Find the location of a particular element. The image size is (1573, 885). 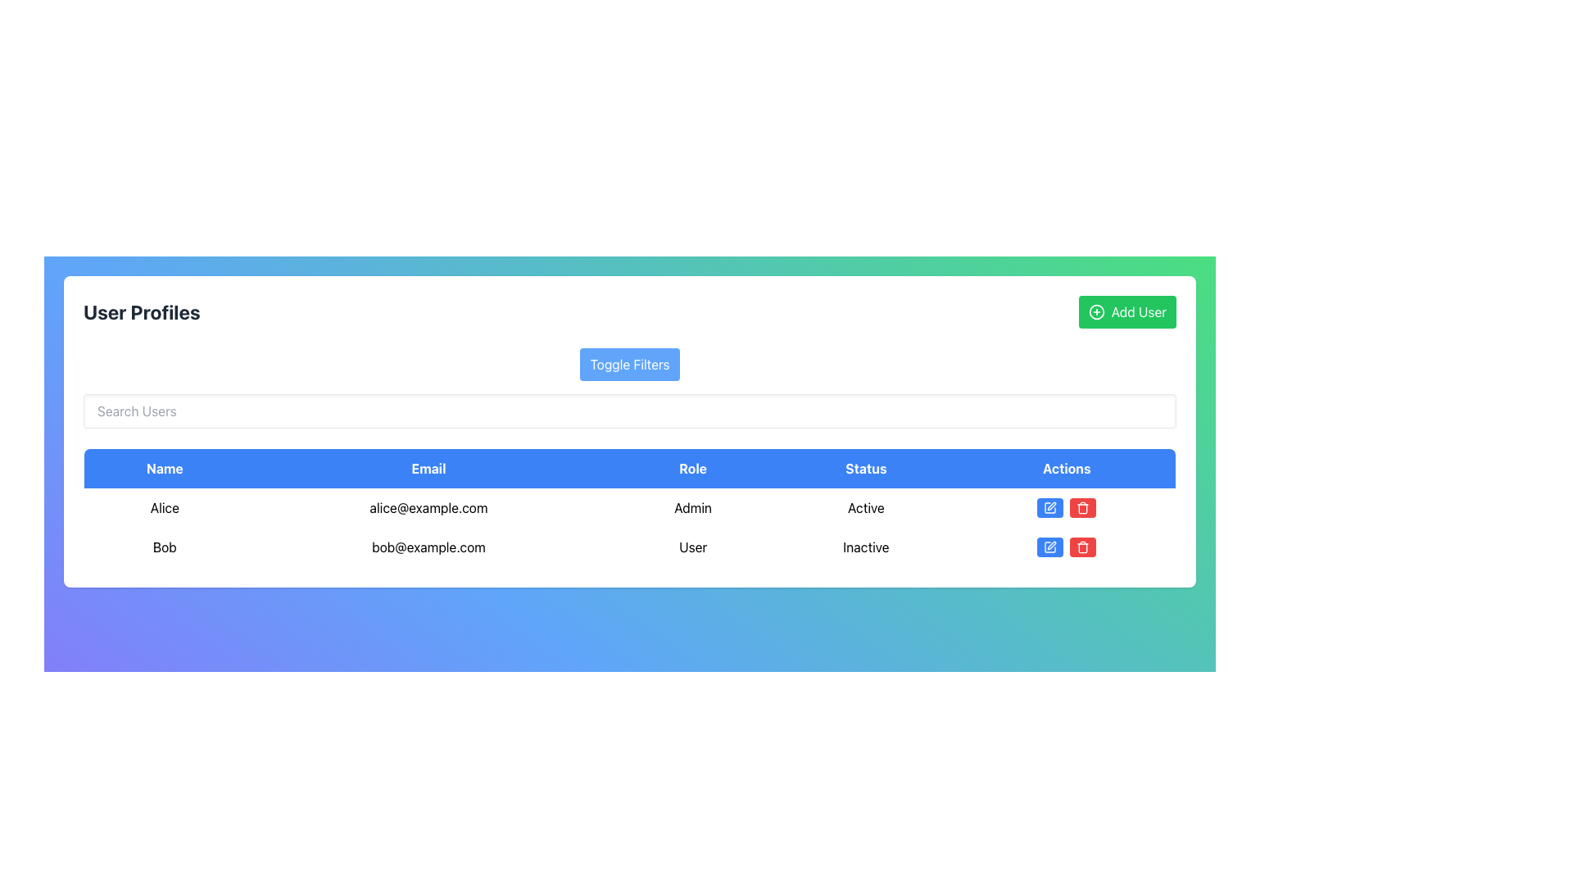

the edit icon in the Actions column of the user profile table for Alice is located at coordinates (1052, 546).